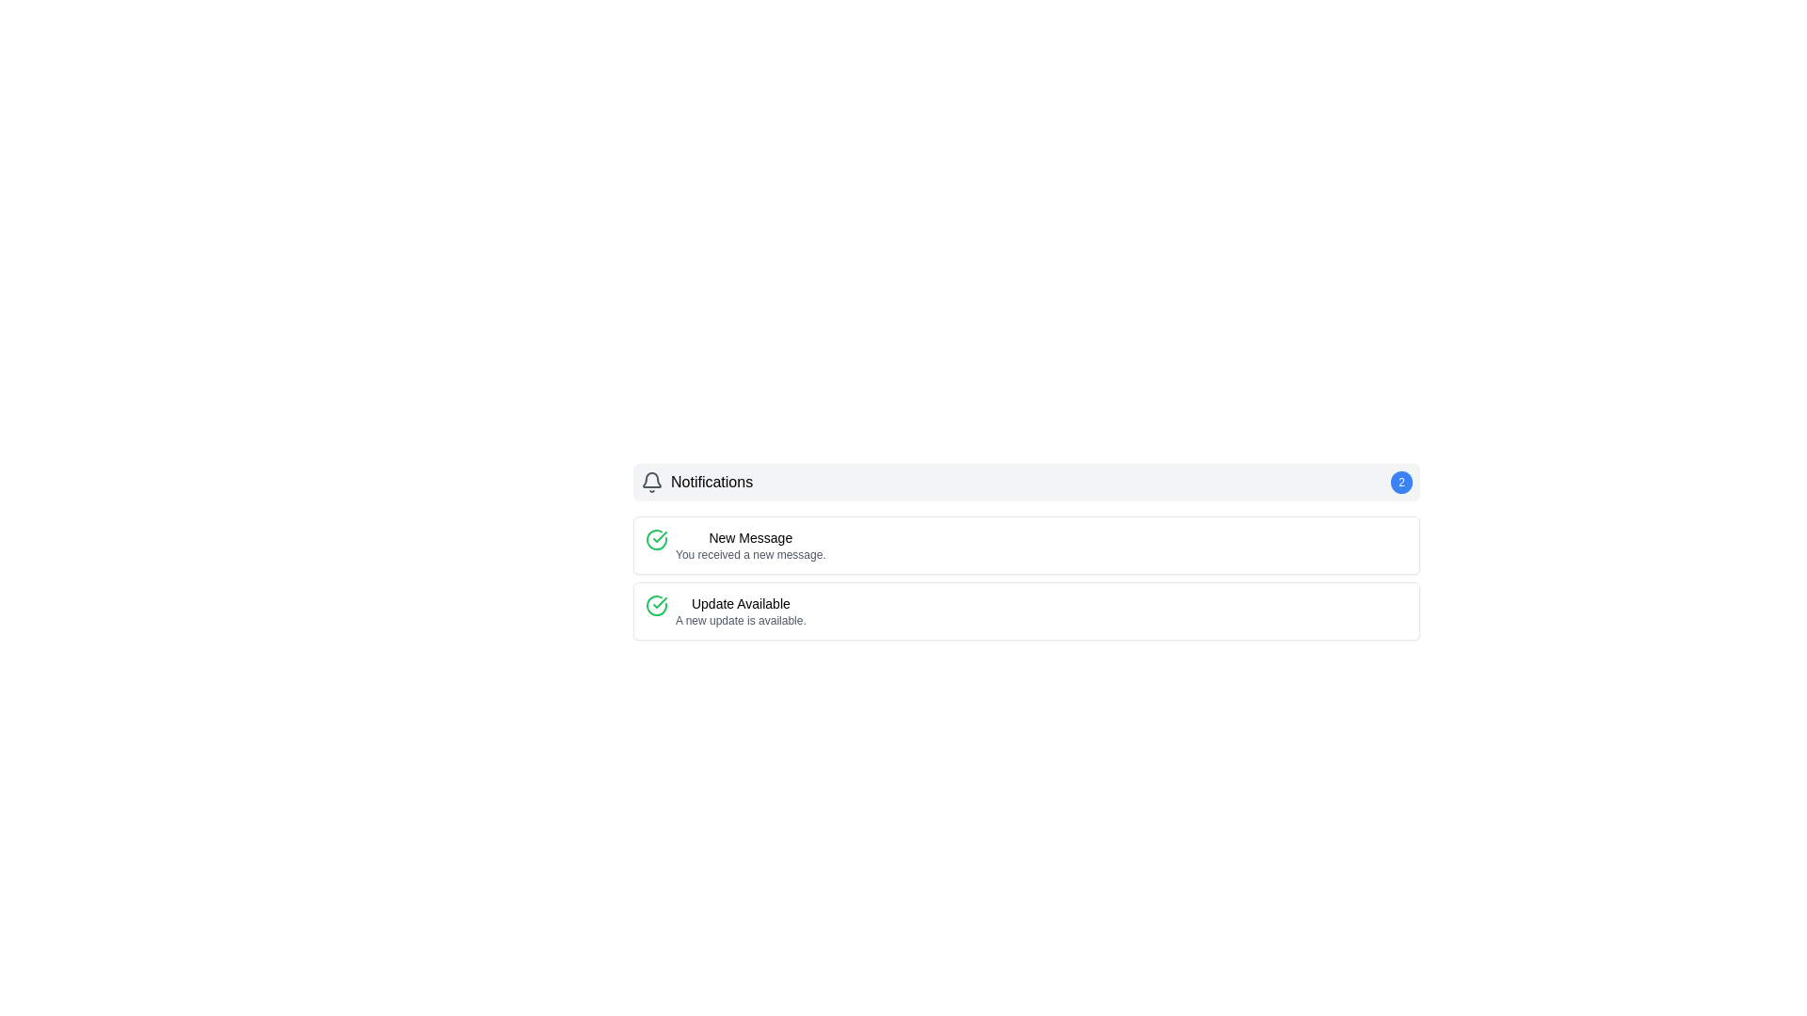 This screenshot has height=1016, width=1807. What do you see at coordinates (749, 545) in the screenshot?
I see `the Text Label that displays 'New Message' and 'You received a new message.' located in the top notification card under a green checkmark symbol` at bounding box center [749, 545].